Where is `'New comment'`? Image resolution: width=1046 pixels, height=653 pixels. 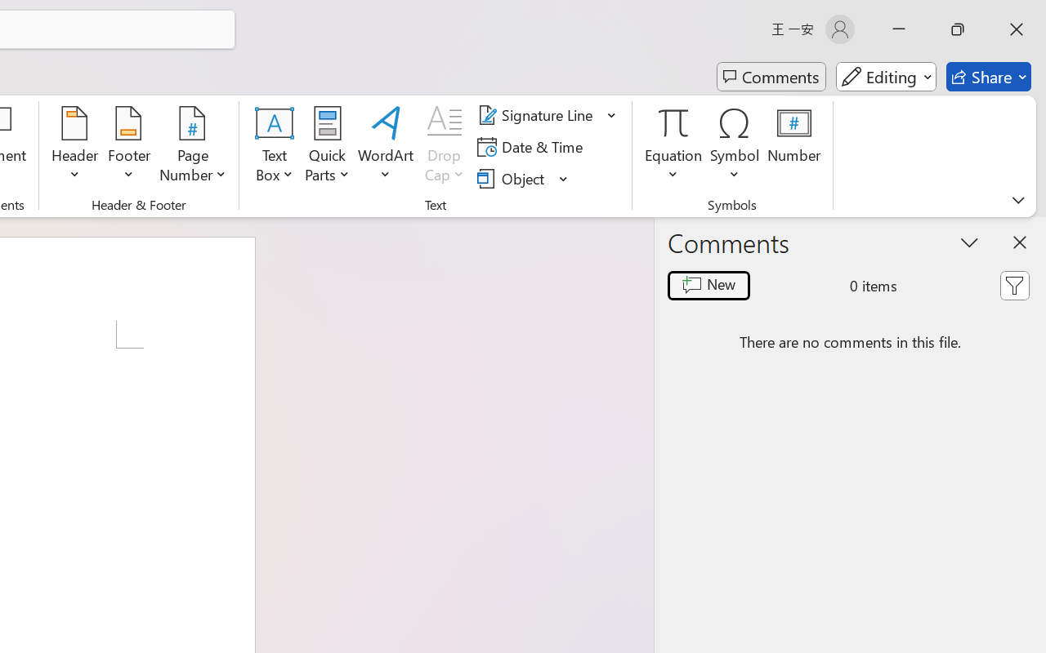 'New comment' is located at coordinates (709, 286).